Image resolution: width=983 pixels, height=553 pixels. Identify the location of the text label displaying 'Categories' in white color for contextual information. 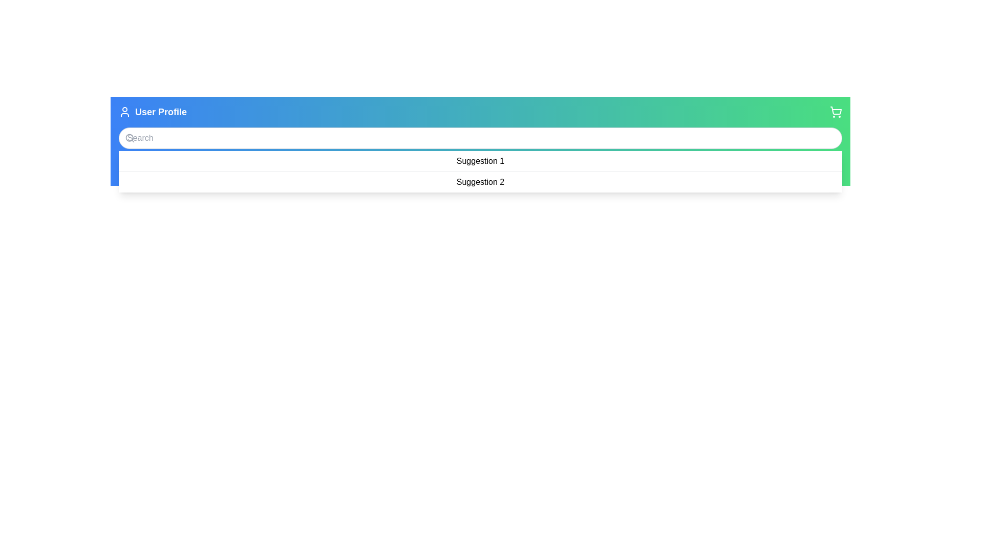
(205, 173).